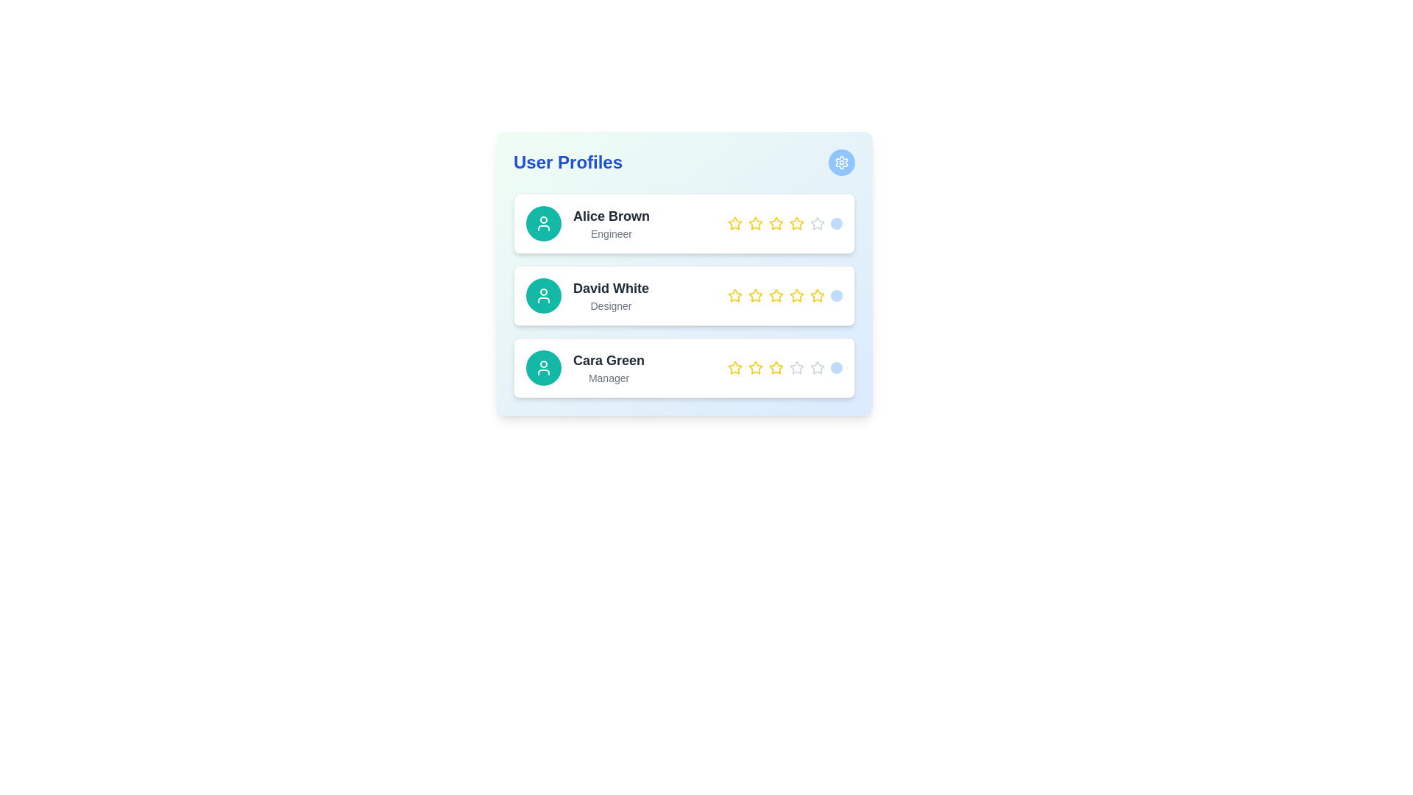 Image resolution: width=1413 pixels, height=795 pixels. I want to click on the text label displaying 'David White' in bold style, so click(611, 289).